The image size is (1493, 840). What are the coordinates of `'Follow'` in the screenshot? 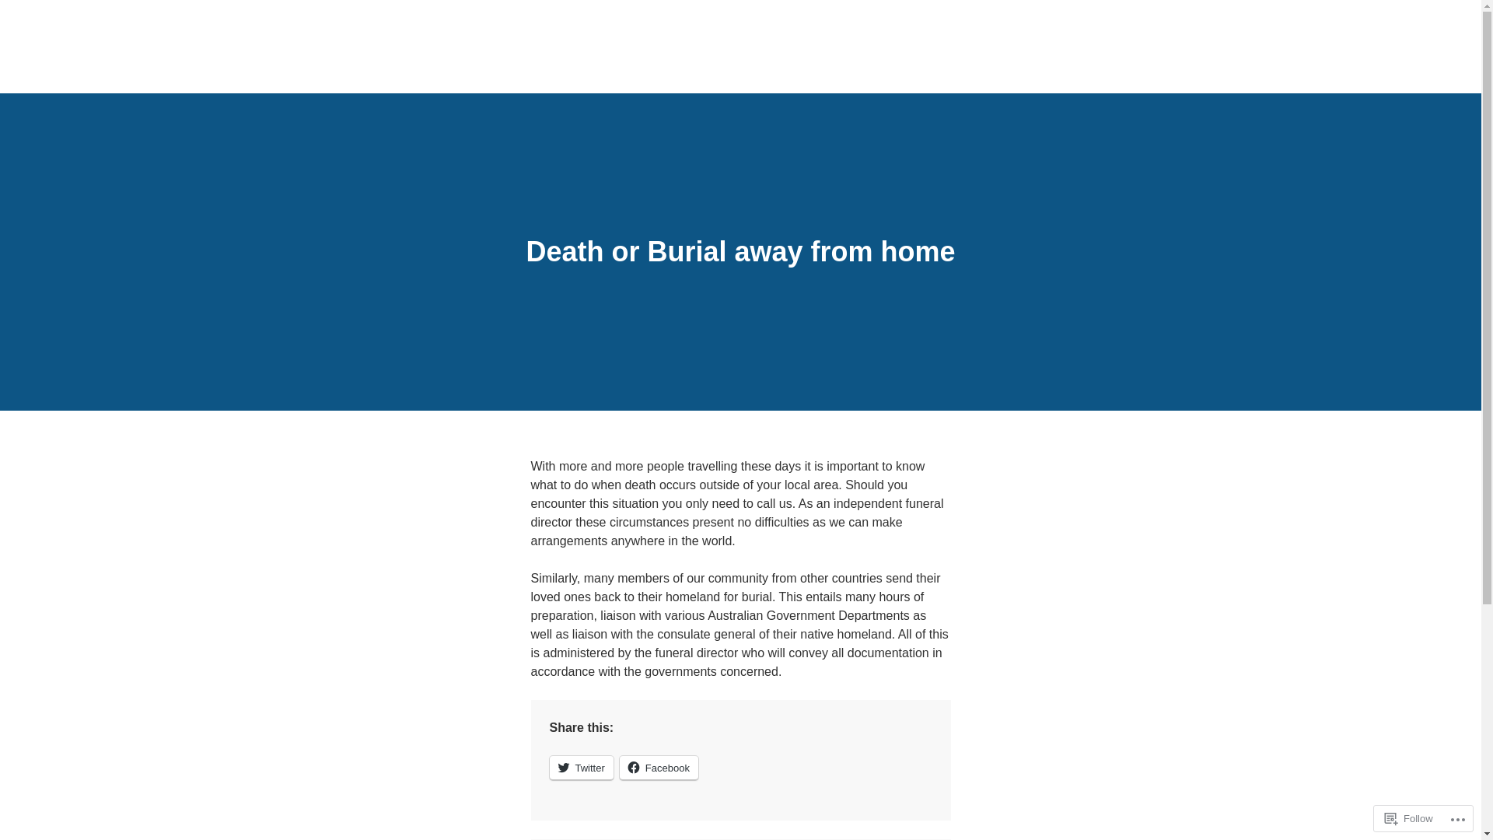 It's located at (1409, 817).